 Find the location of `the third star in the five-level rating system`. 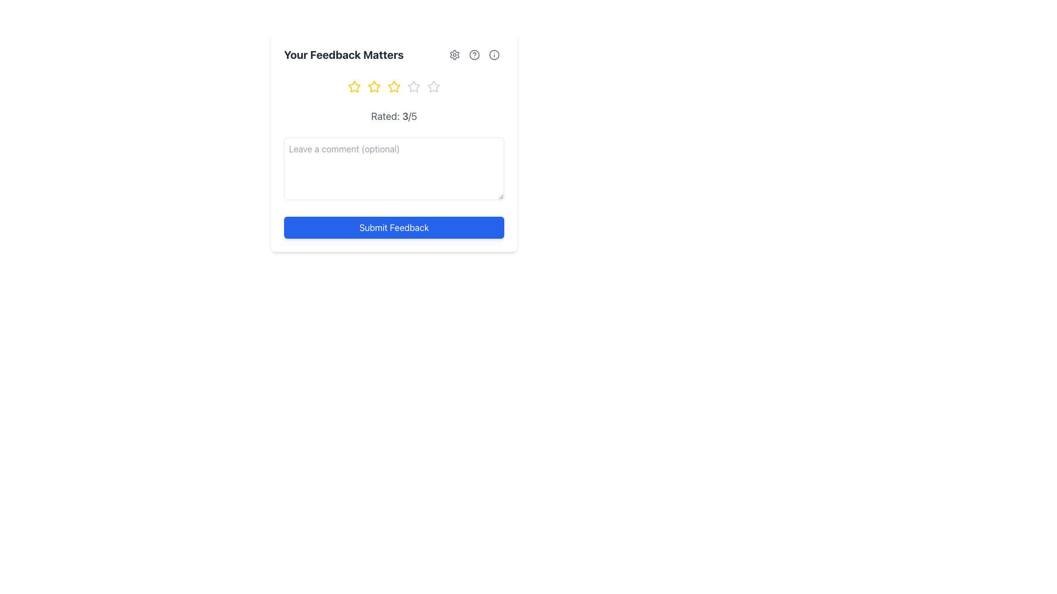

the third star in the five-level rating system is located at coordinates (394, 86).